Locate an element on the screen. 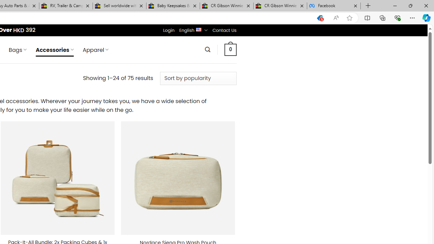 Image resolution: width=434 pixels, height=244 pixels. 'RV, Trailer & Camper Steps & Ladders for sale | eBay' is located at coordinates (66, 6).